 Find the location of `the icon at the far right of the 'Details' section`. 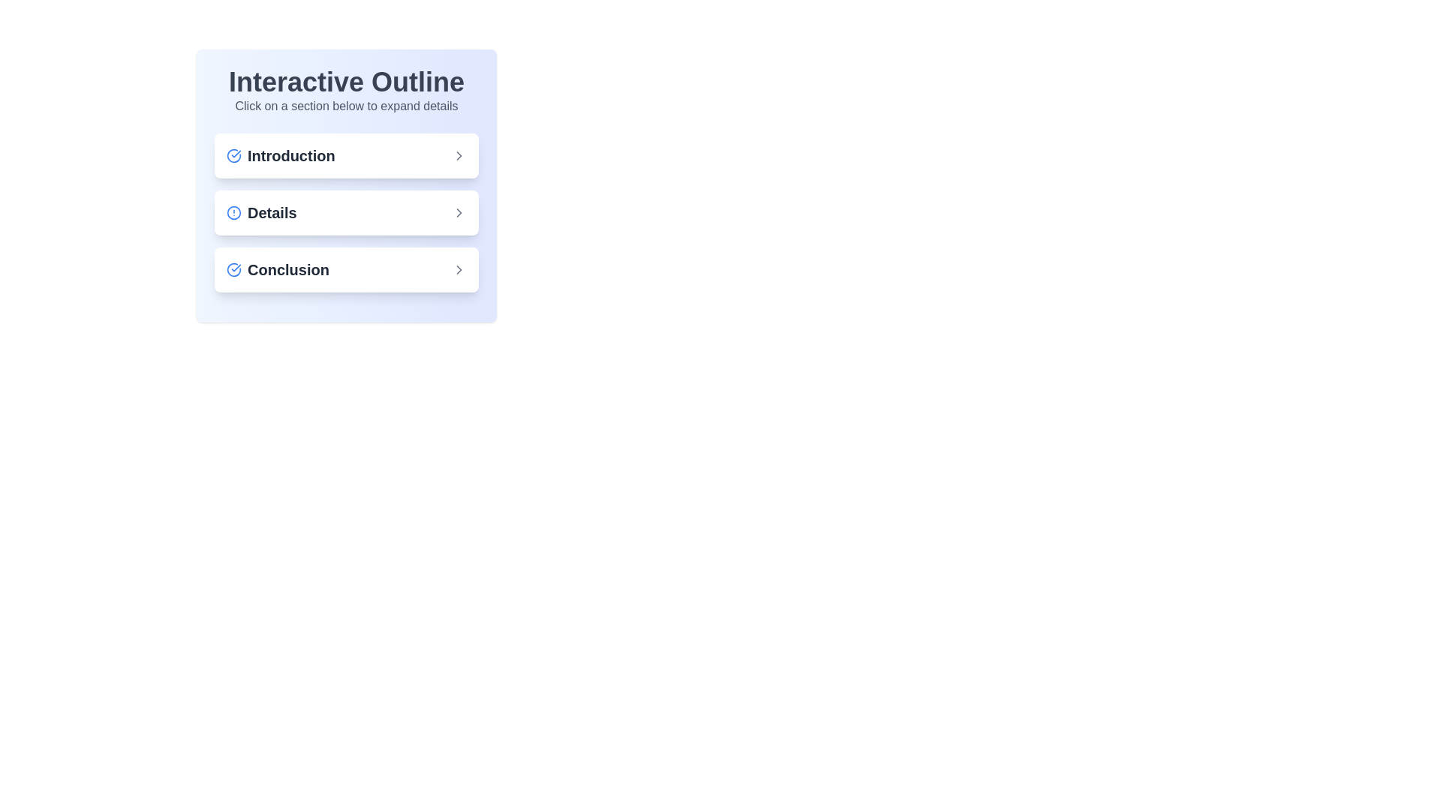

the icon at the far right of the 'Details' section is located at coordinates (458, 213).